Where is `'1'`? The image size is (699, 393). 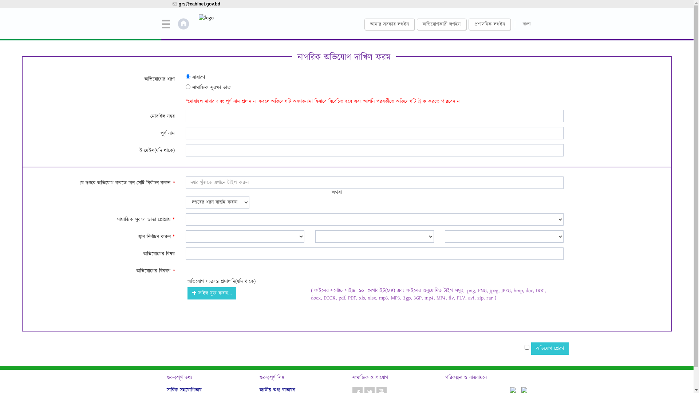
'1' is located at coordinates (188, 76).